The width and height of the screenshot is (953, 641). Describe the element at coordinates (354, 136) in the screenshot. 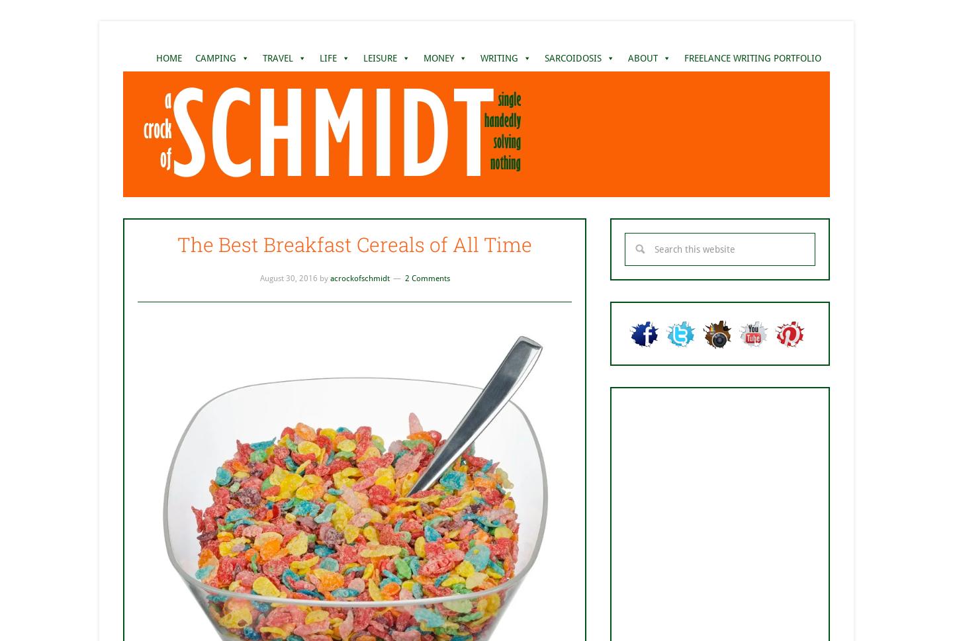

I see `'FUNNY SCHMIDT'` at that location.